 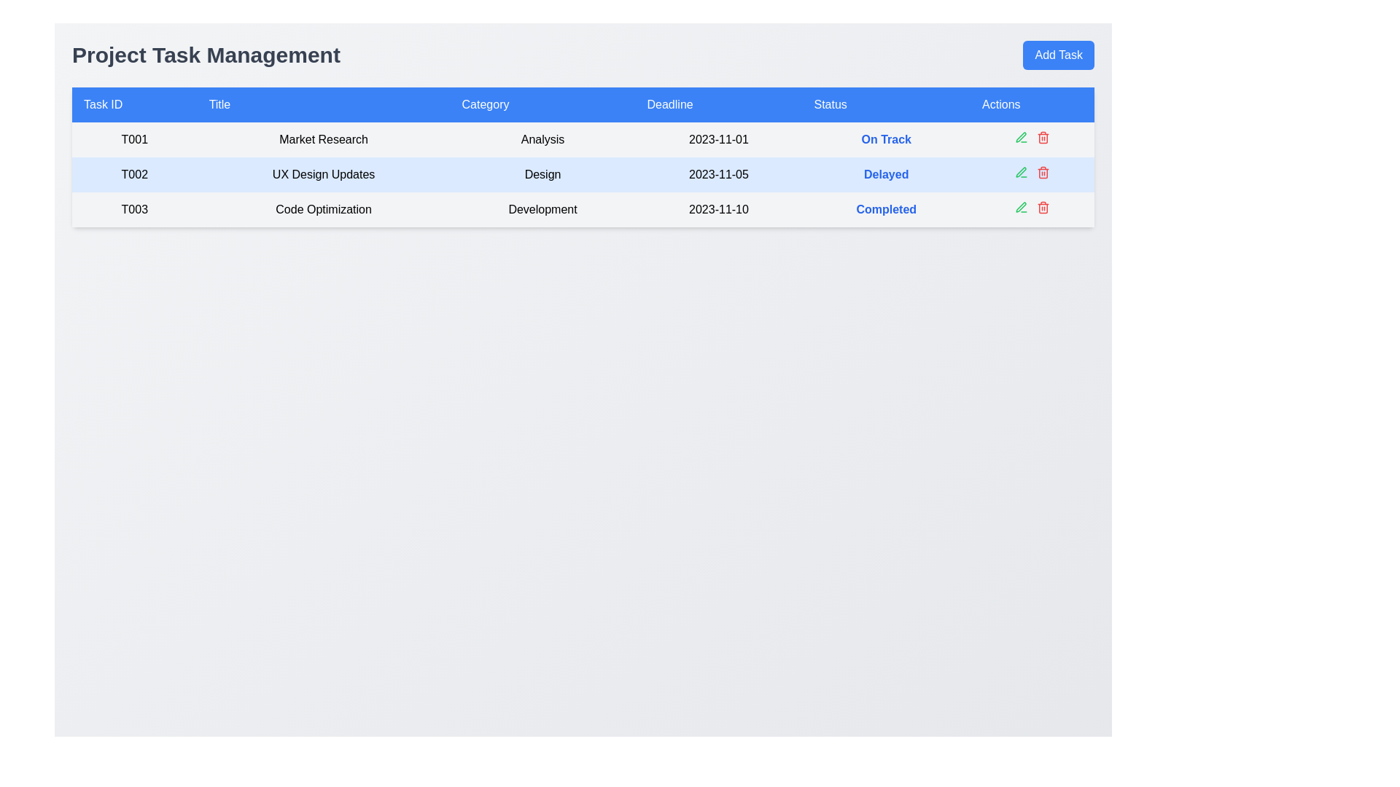 What do you see at coordinates (1042, 171) in the screenshot?
I see `the delete button in the 'Actions' column of the second row of the task table, corresponding to the 'UX Design Updates' task` at bounding box center [1042, 171].